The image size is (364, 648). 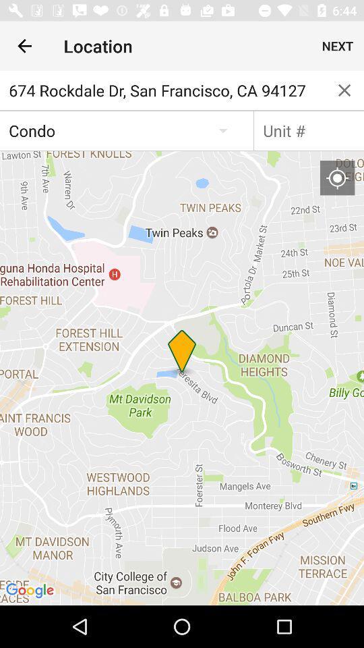 What do you see at coordinates (337, 46) in the screenshot?
I see `the item to the right of the location item` at bounding box center [337, 46].